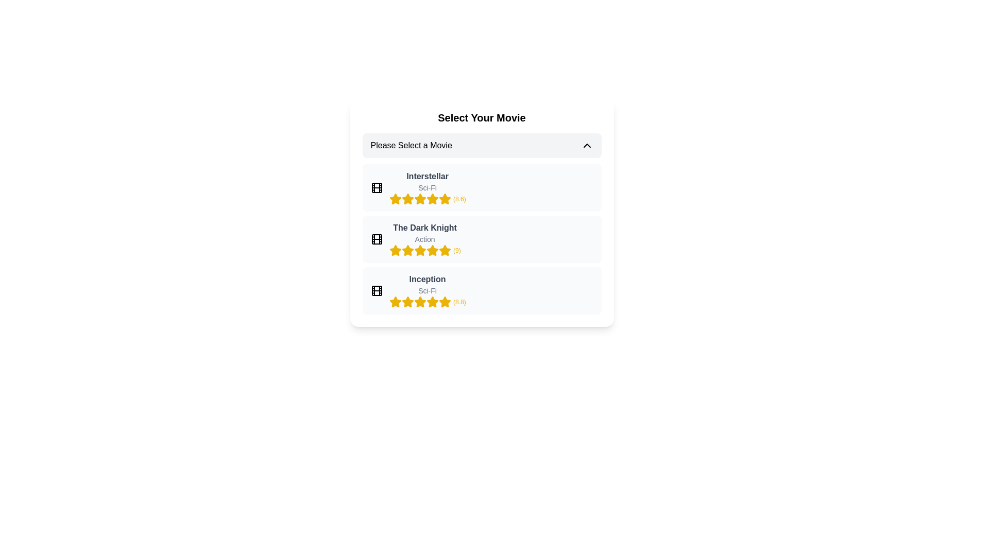  I want to click on the fifth star icon in the rating system for the movie 'Inception', which indicates the highest rating point and is located next to the score '8.8', so click(432, 301).